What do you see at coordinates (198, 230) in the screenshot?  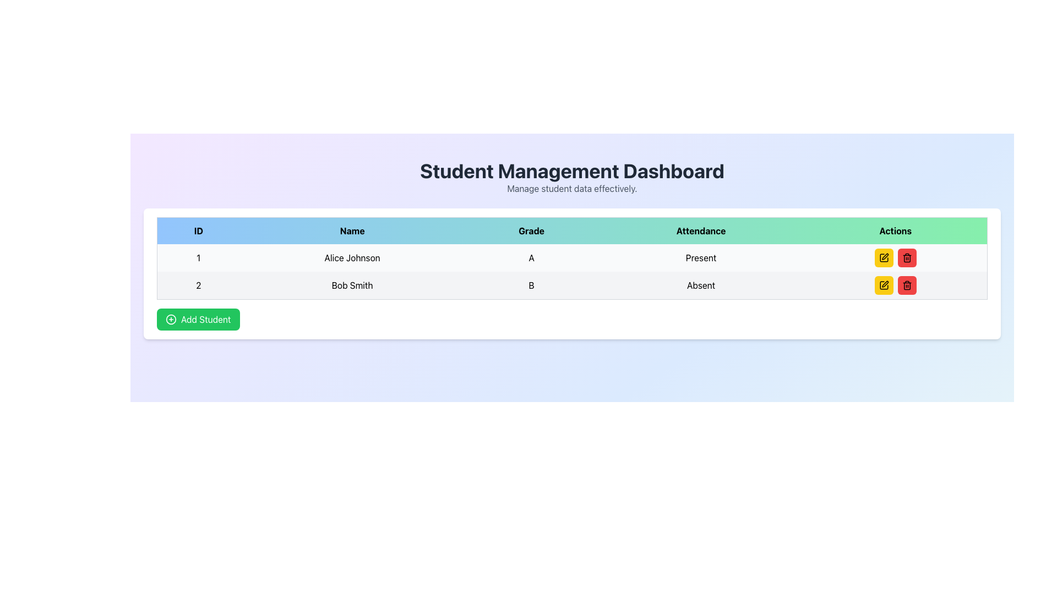 I see `the text element displaying 'ID' which is styled with a light blue background and bold black font, located as the first column header in the table` at bounding box center [198, 230].